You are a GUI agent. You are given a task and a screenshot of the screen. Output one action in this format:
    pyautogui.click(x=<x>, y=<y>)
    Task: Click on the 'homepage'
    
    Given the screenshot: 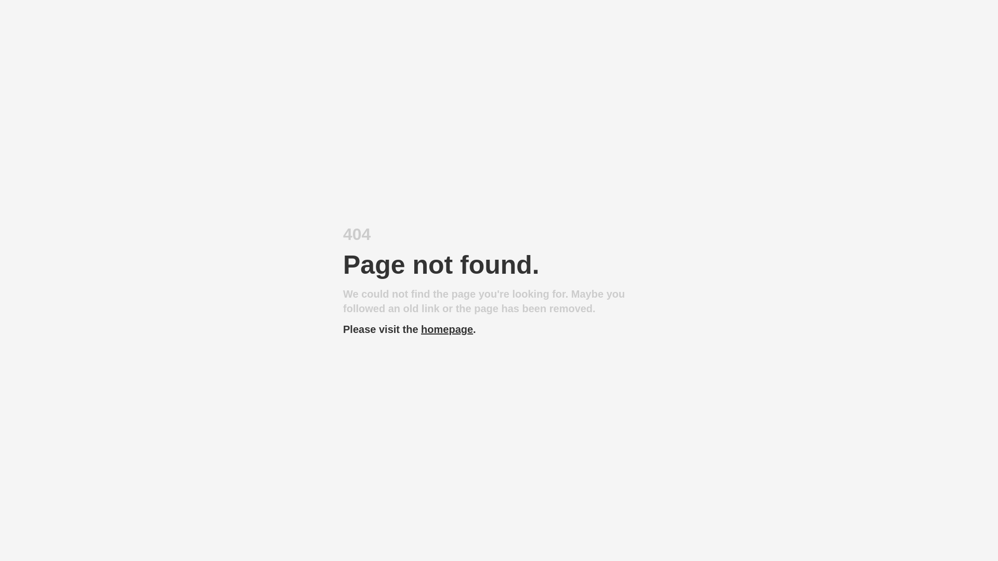 What is the action you would take?
    pyautogui.click(x=447, y=329)
    